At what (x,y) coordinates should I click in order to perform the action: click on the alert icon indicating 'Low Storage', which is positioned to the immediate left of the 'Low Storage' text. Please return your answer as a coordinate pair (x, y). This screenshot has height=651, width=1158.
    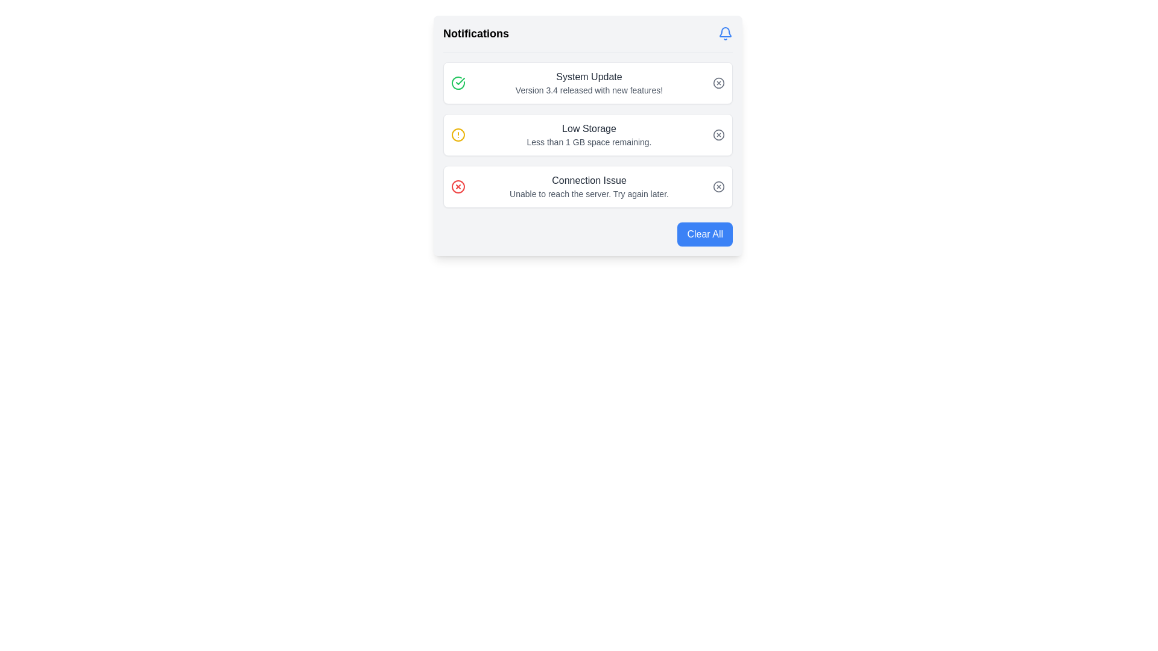
    Looking at the image, I should click on (457, 134).